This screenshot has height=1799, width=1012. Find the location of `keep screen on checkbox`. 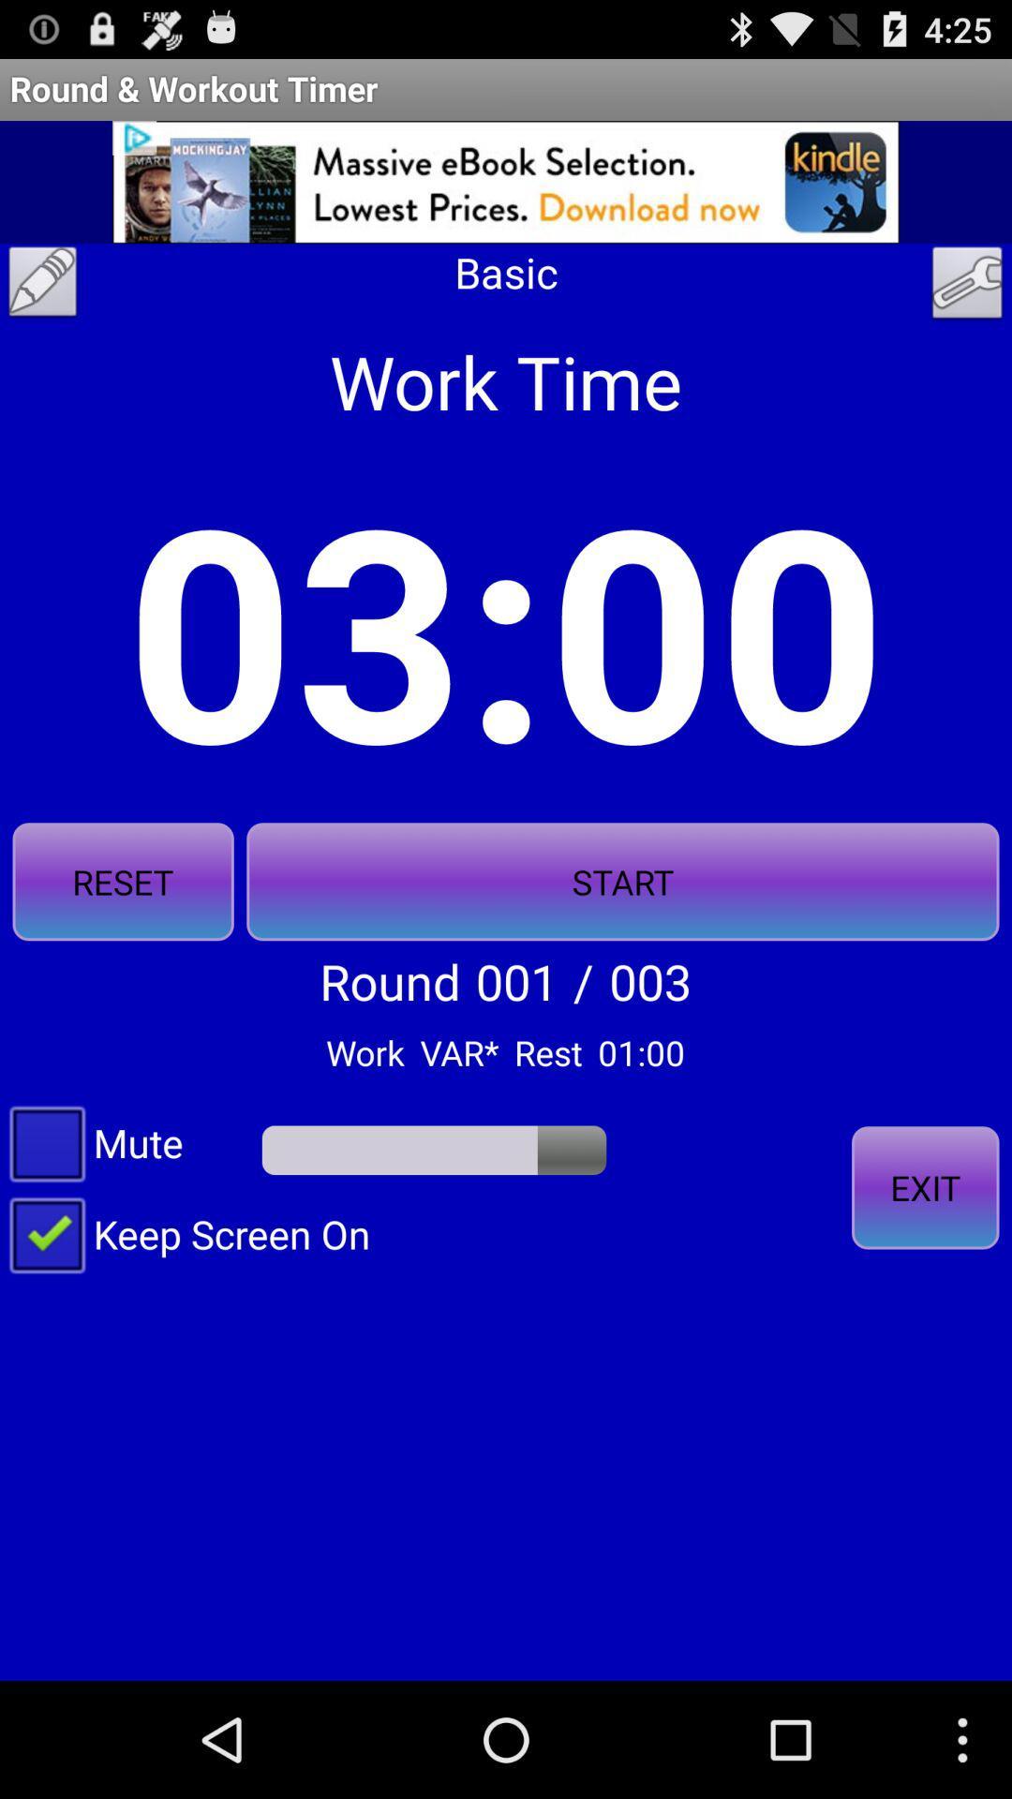

keep screen on checkbox is located at coordinates (185, 1233).